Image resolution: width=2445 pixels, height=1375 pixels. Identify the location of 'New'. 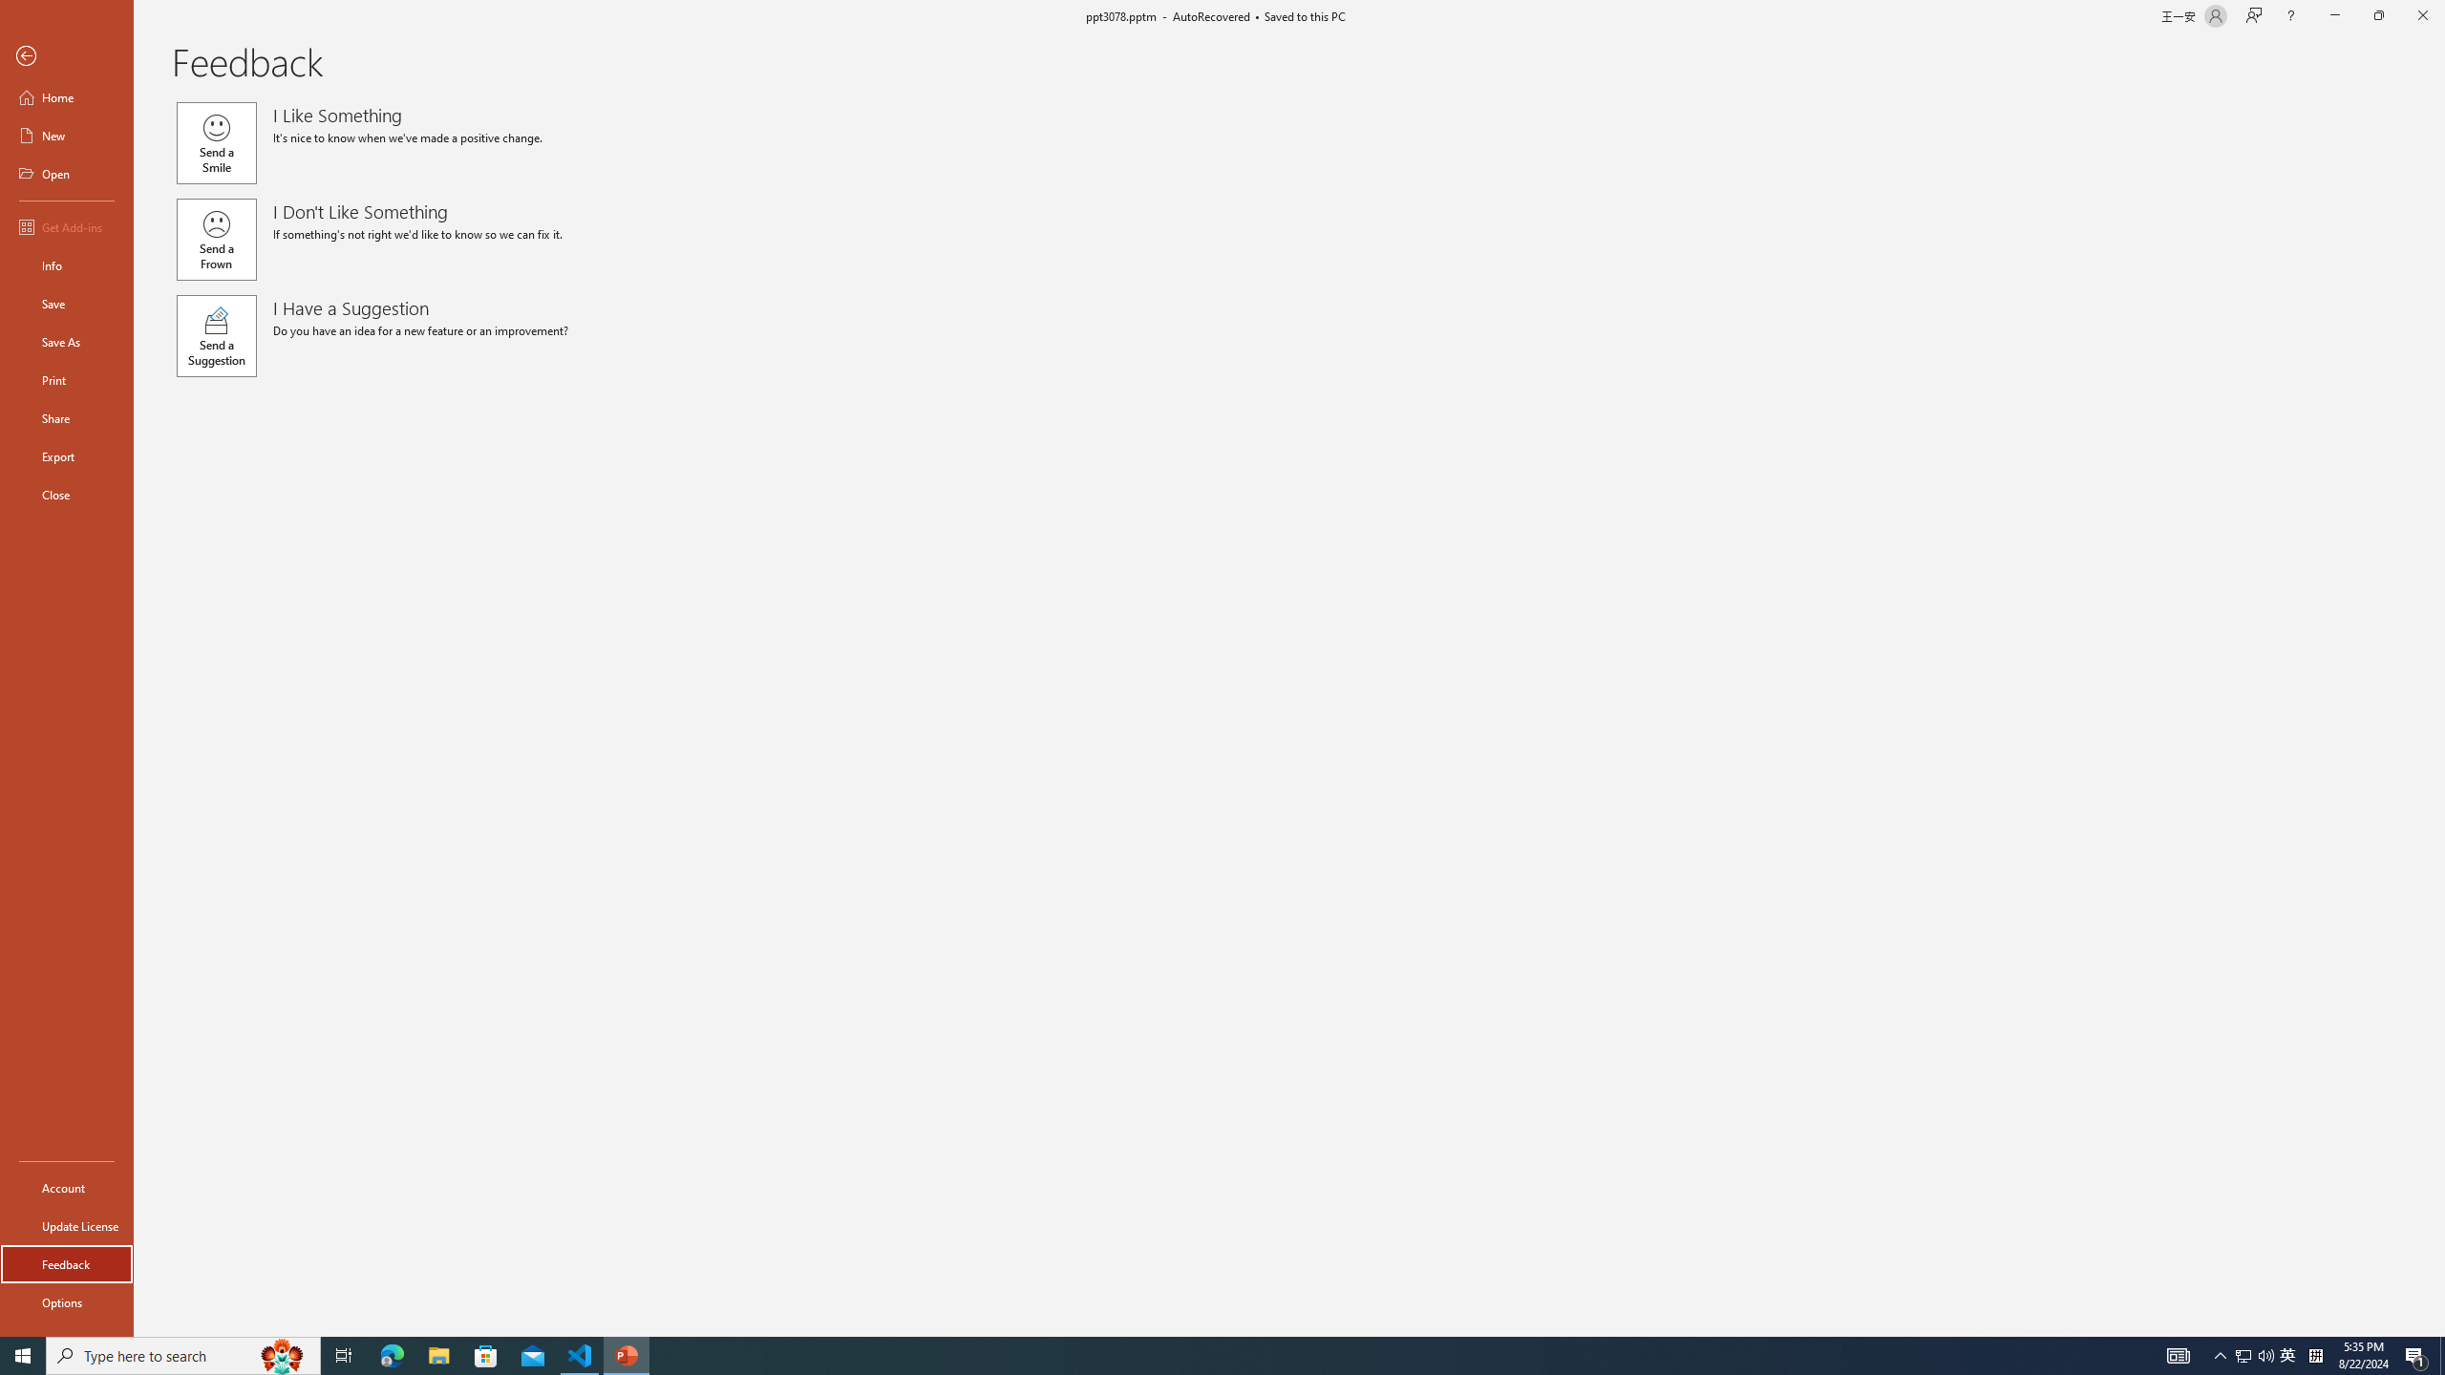
(66, 135).